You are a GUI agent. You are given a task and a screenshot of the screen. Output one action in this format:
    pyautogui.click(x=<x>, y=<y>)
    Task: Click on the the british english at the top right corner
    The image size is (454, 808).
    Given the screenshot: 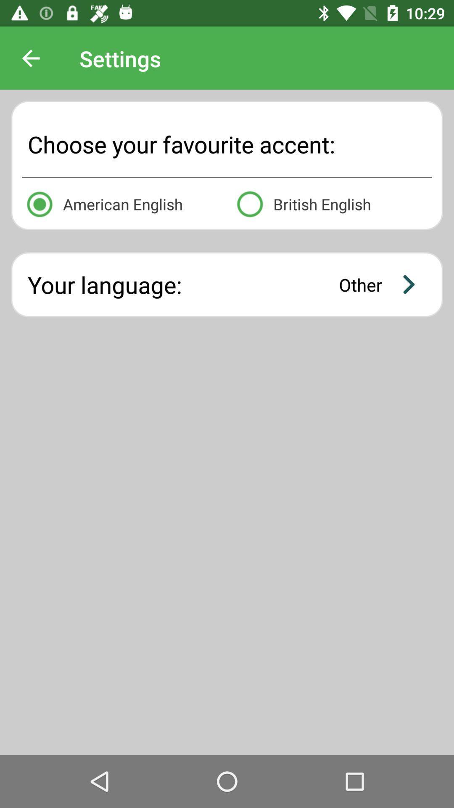 What is the action you would take?
    pyautogui.click(x=332, y=202)
    